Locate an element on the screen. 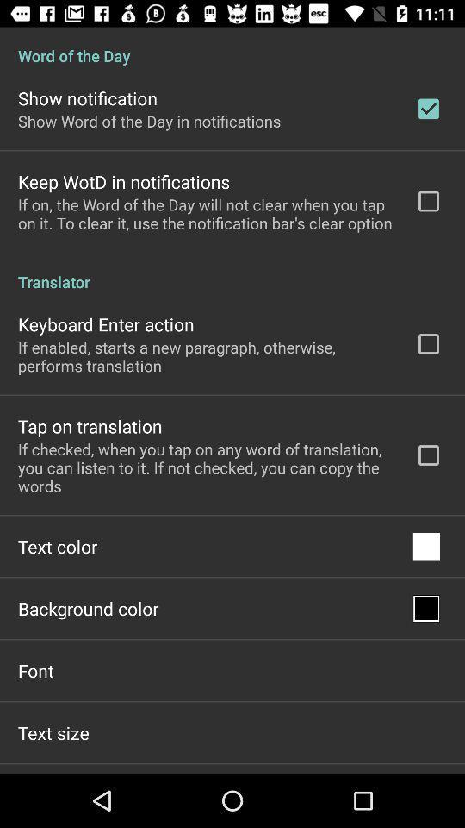 Image resolution: width=465 pixels, height=828 pixels. show notification is located at coordinates (88, 98).